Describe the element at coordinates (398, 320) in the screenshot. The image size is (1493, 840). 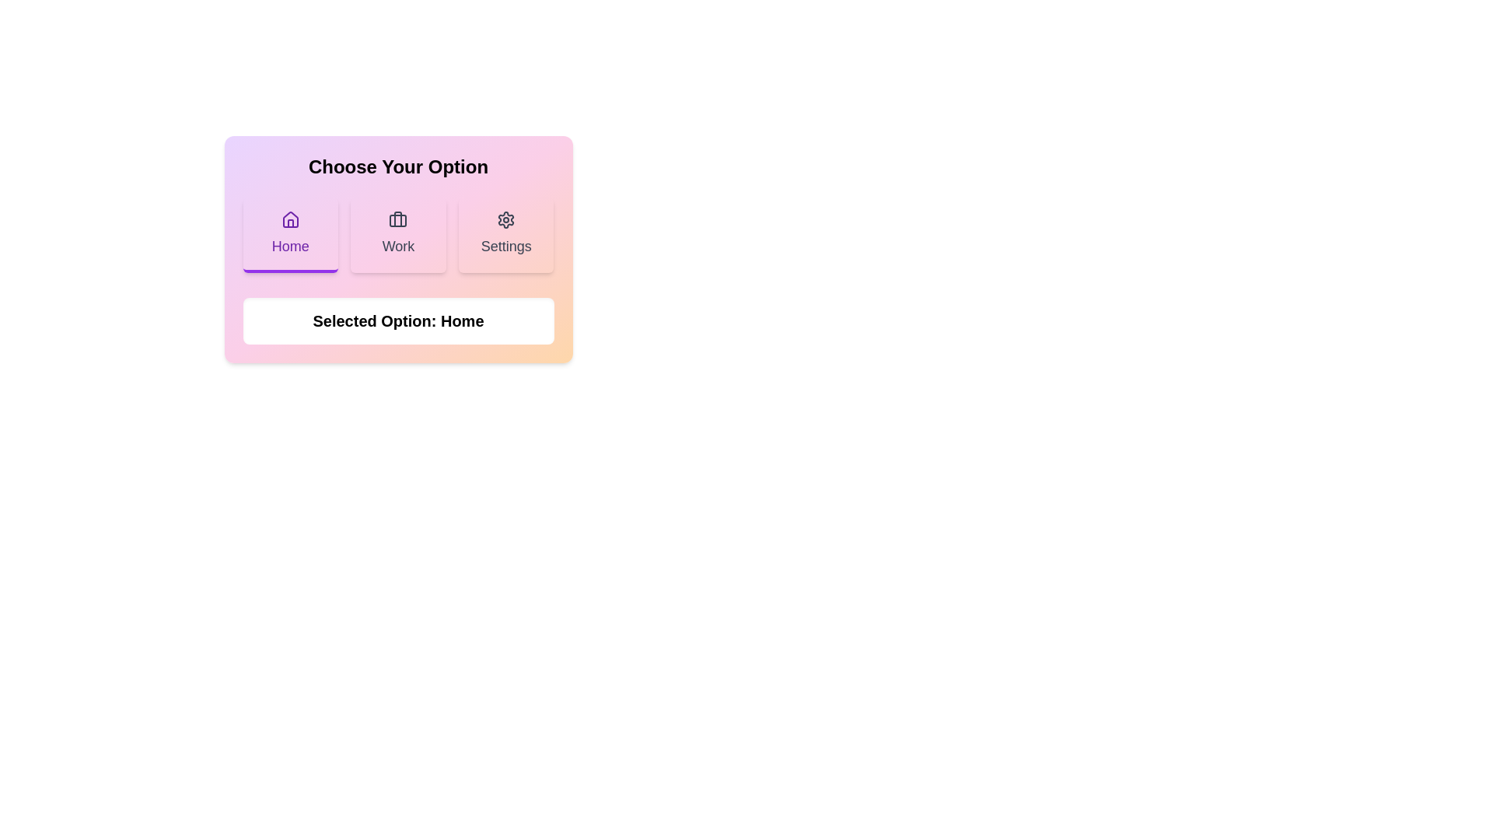
I see `the text label displaying 'Selected Option: Home', which is located below the 'Choose Your Option' title and buttons for Home, Work, and Settings` at that location.